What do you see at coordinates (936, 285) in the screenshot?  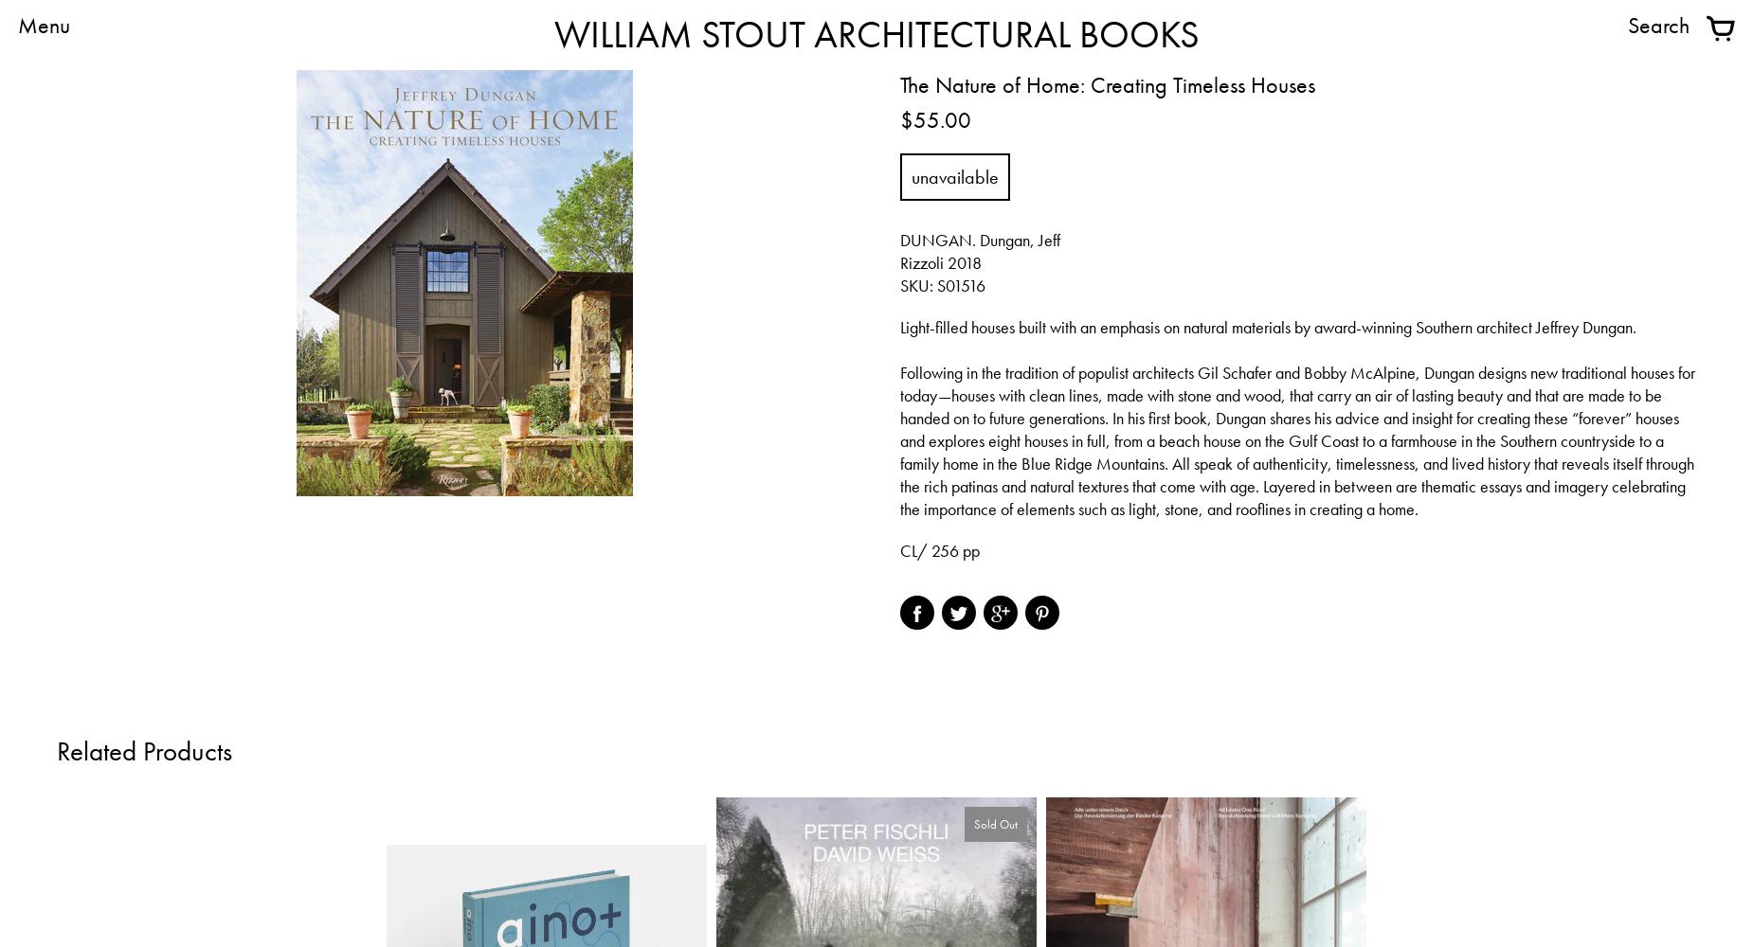 I see `'S01516'` at bounding box center [936, 285].